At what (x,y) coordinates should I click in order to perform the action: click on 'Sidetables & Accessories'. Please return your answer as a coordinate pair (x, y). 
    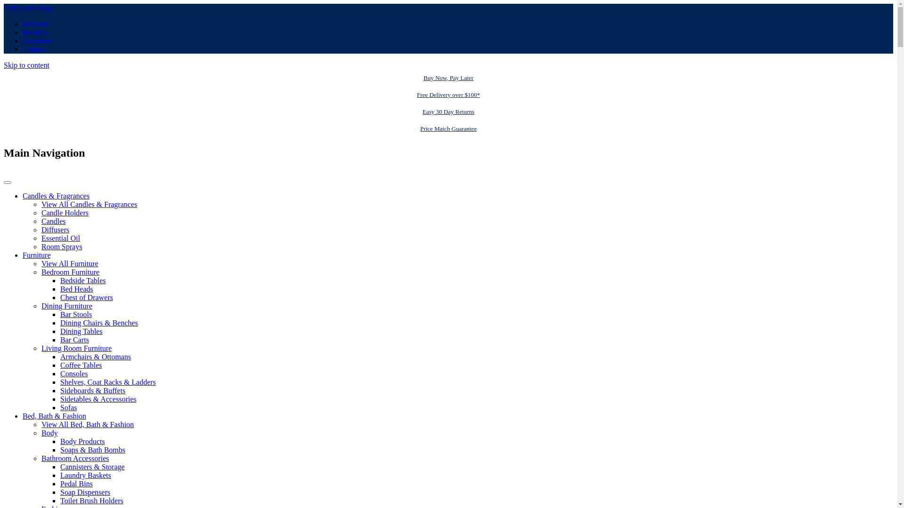
    Looking at the image, I should click on (98, 399).